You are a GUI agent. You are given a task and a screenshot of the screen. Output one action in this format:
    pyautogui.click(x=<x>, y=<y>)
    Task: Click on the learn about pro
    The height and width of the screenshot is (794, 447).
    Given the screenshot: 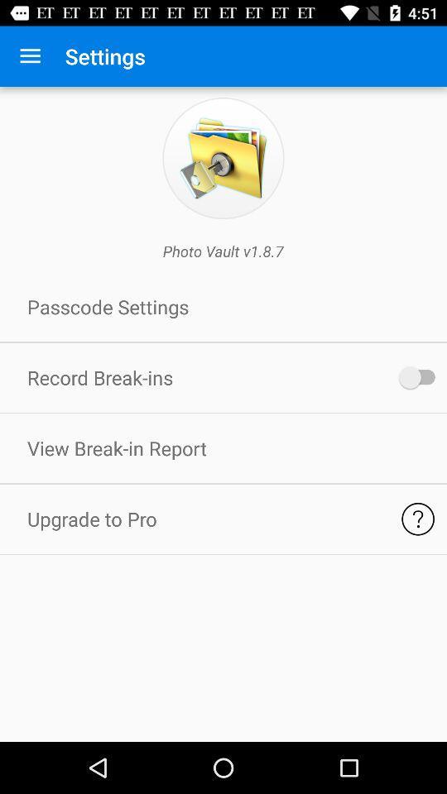 What is the action you would take?
    pyautogui.click(x=417, y=518)
    